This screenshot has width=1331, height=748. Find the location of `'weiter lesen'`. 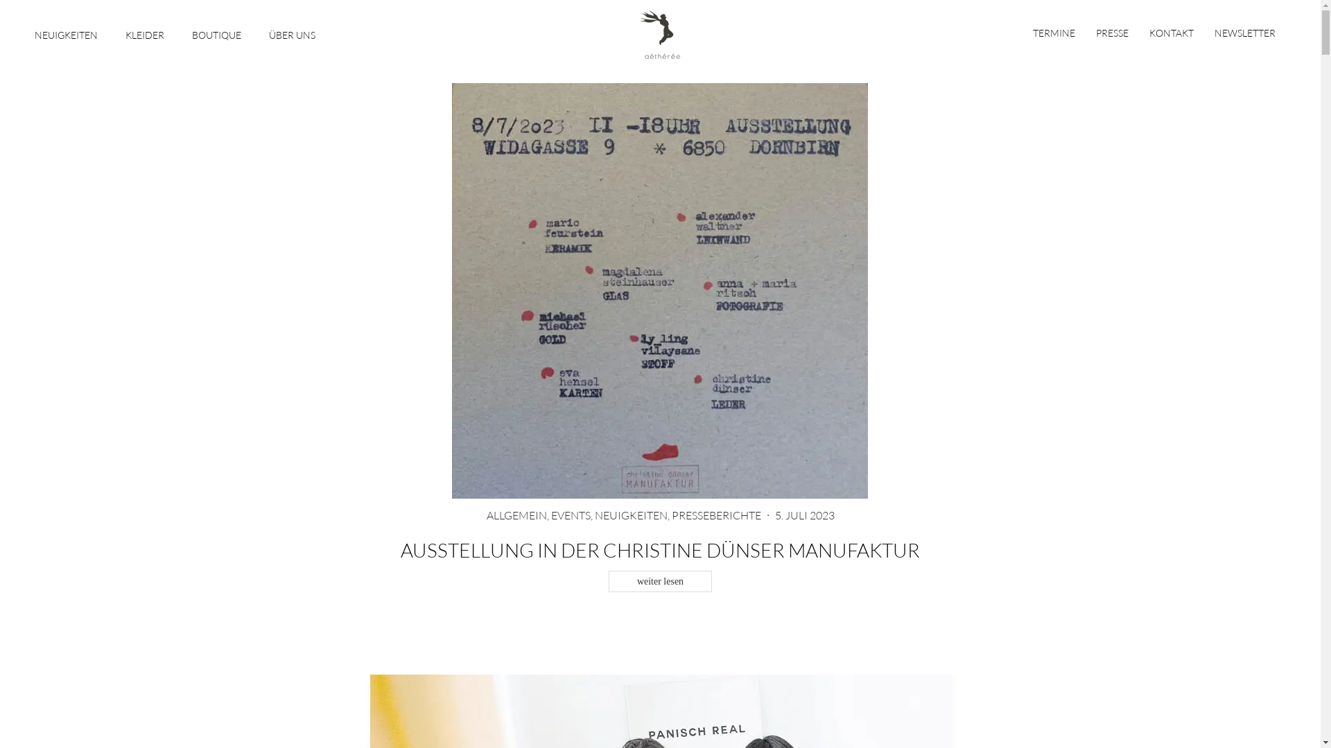

'weiter lesen' is located at coordinates (659, 581).